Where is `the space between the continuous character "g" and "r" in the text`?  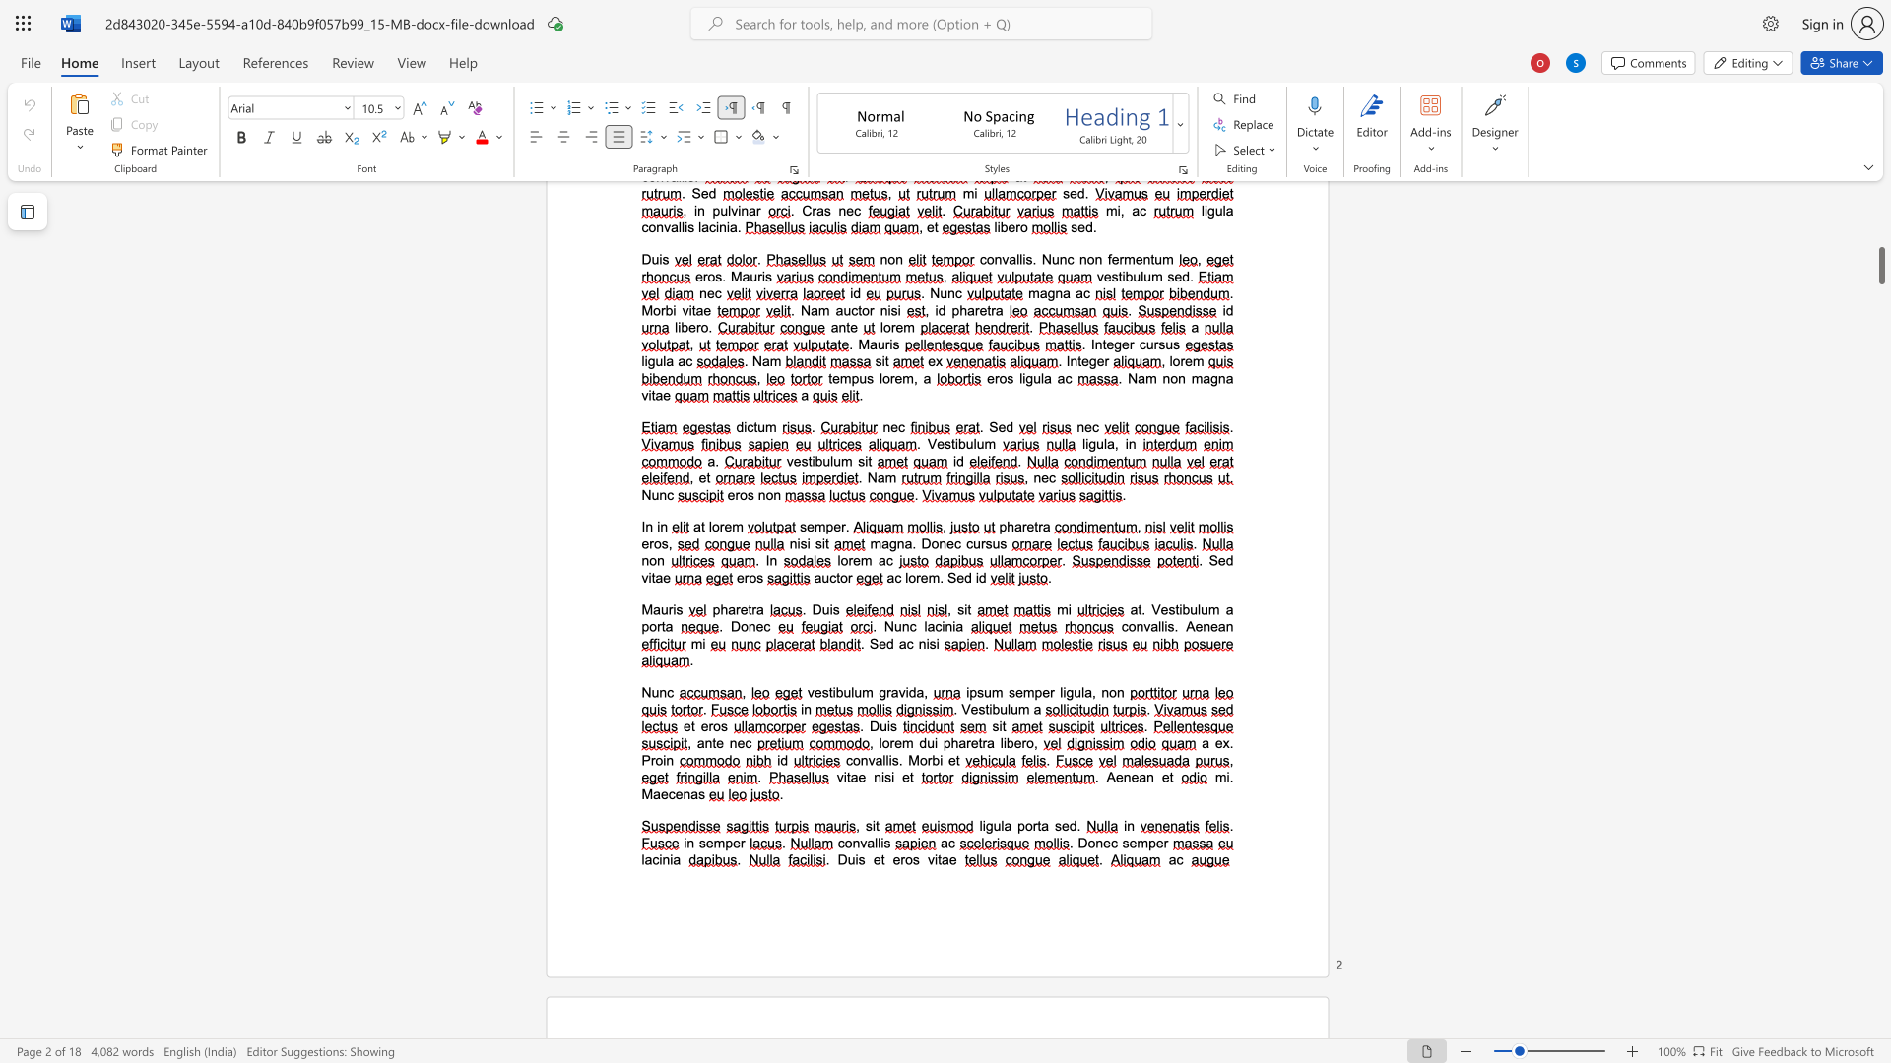 the space between the continuous character "g" and "r" in the text is located at coordinates (884, 691).